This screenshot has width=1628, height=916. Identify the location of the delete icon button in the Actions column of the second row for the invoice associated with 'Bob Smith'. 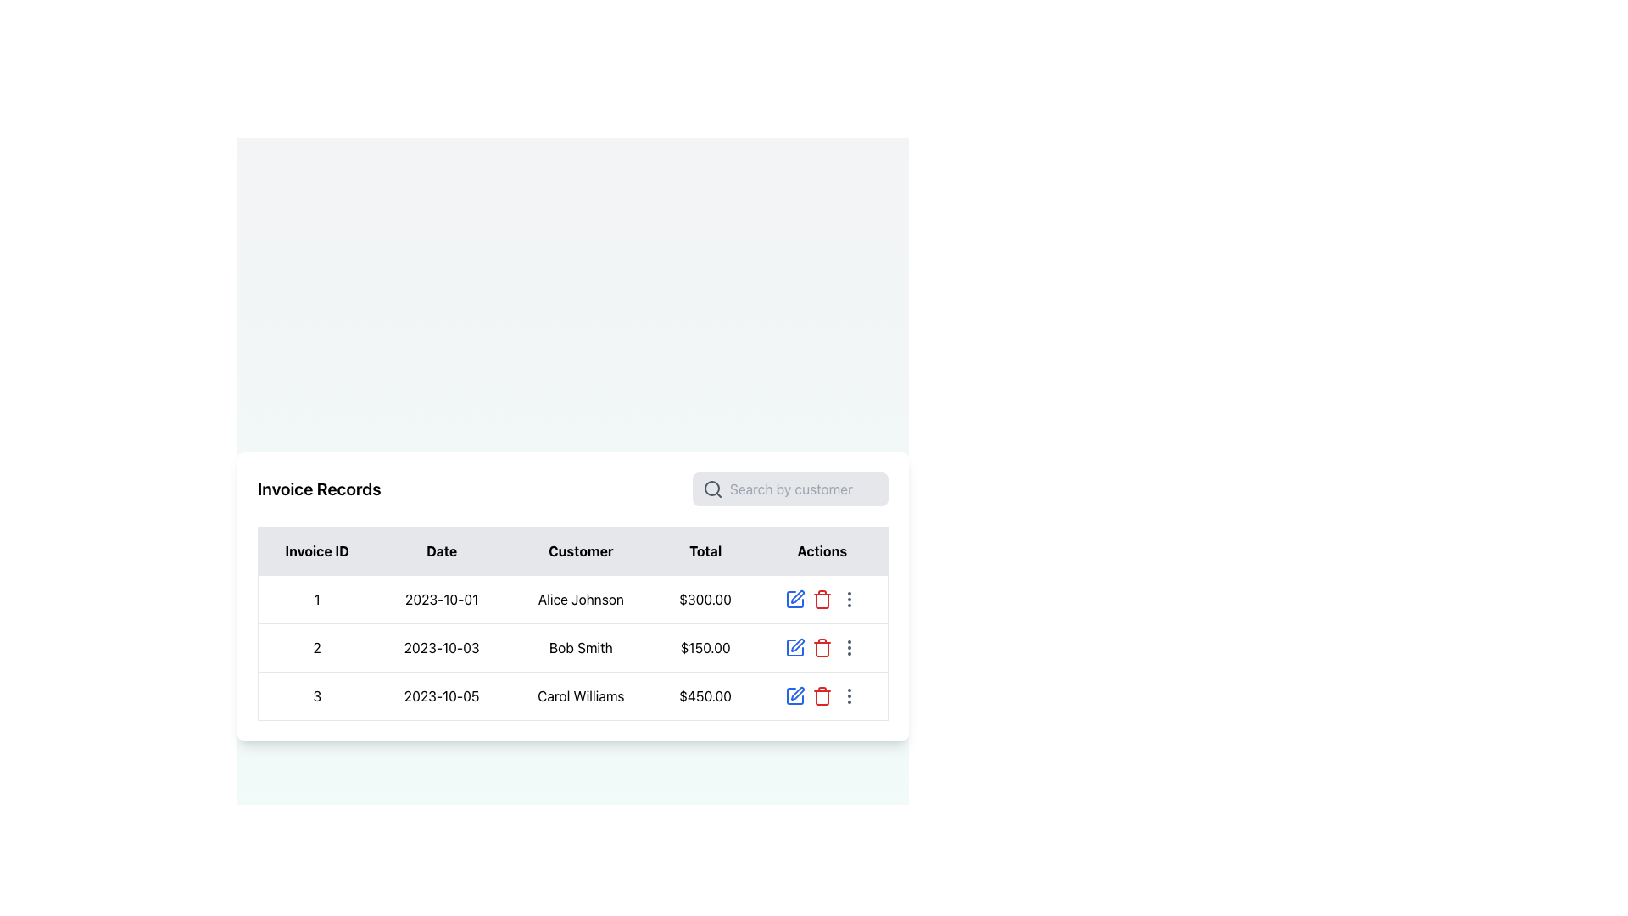
(822, 647).